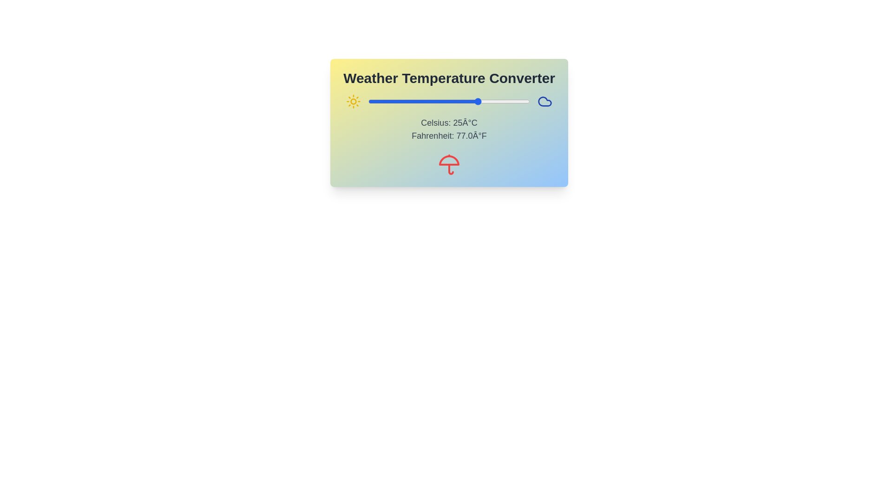 The height and width of the screenshot is (501, 892). What do you see at coordinates (469, 102) in the screenshot?
I see `the temperature to 20°C using the slider` at bounding box center [469, 102].